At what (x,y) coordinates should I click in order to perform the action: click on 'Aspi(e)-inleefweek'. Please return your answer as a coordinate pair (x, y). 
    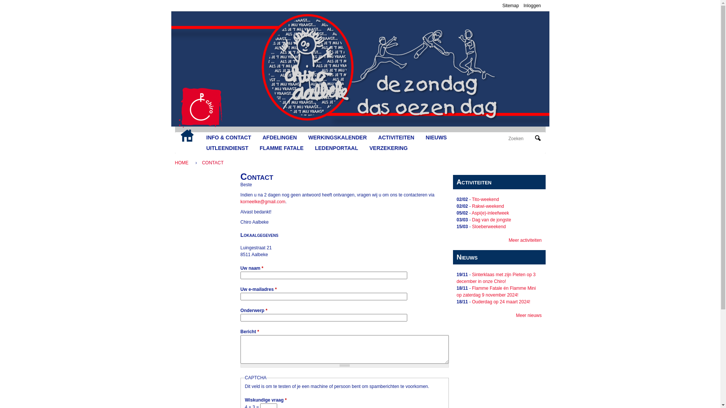
    Looking at the image, I should click on (472, 213).